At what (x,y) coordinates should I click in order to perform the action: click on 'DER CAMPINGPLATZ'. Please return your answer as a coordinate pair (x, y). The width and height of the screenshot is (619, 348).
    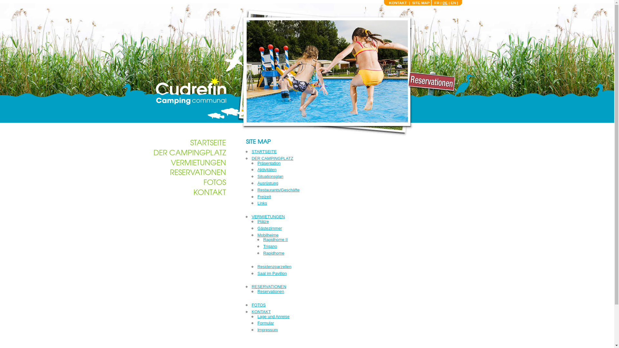
    Looking at the image, I should click on (272, 158).